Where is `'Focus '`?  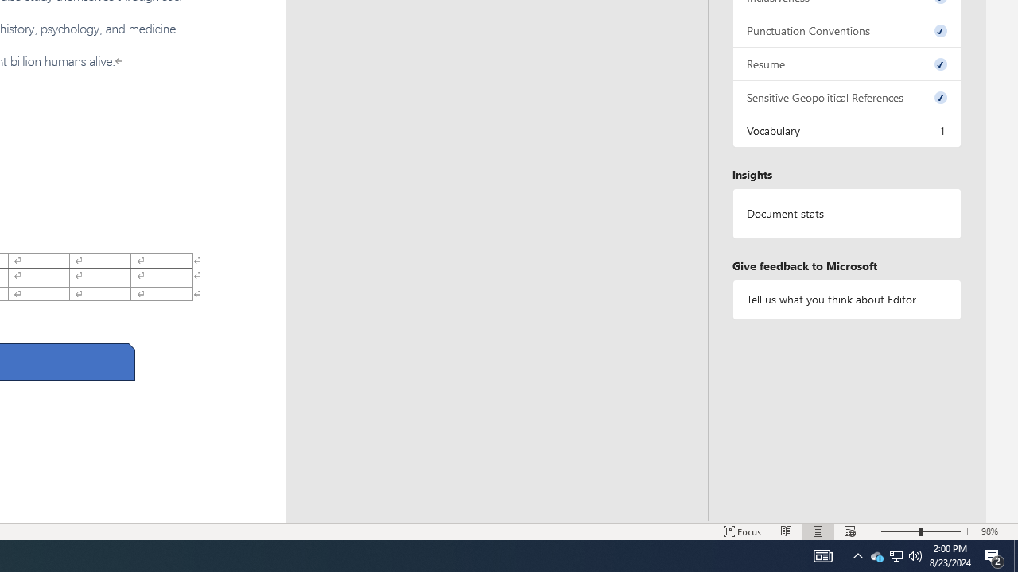 'Focus ' is located at coordinates (742, 531).